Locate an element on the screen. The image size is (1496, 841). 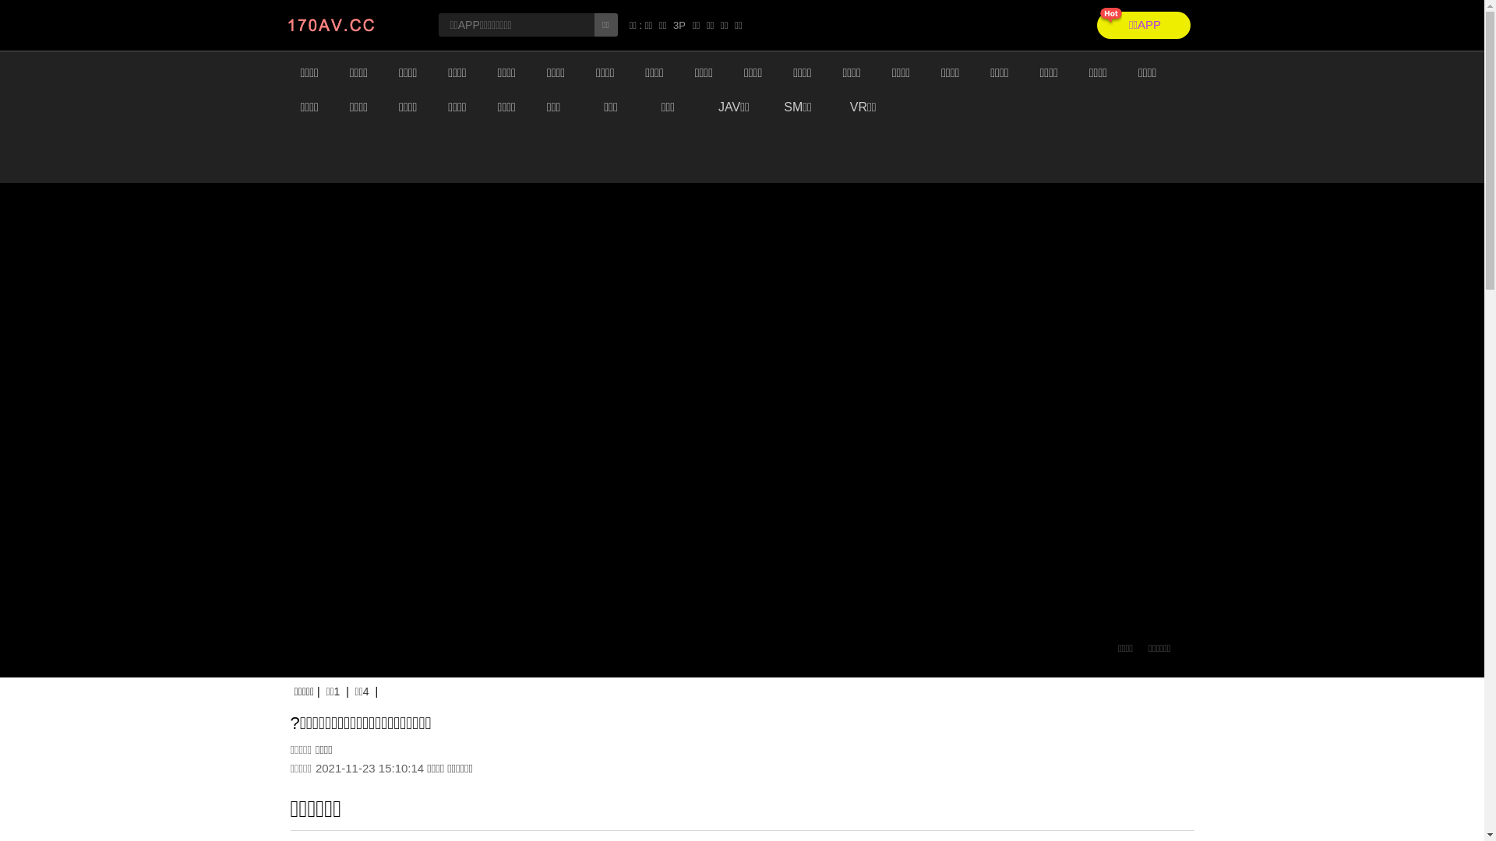
'3P' is located at coordinates (679, 25).